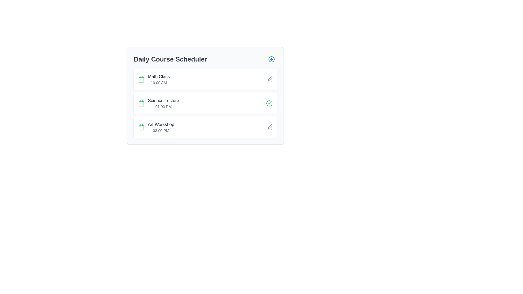 The image size is (523, 294). Describe the element at coordinates (156, 127) in the screenshot. I see `the Schedule entry row for 'Art Workshop', which includes a green calendar icon and the text '03:00 PM' in the Daily Course Scheduler list` at that location.